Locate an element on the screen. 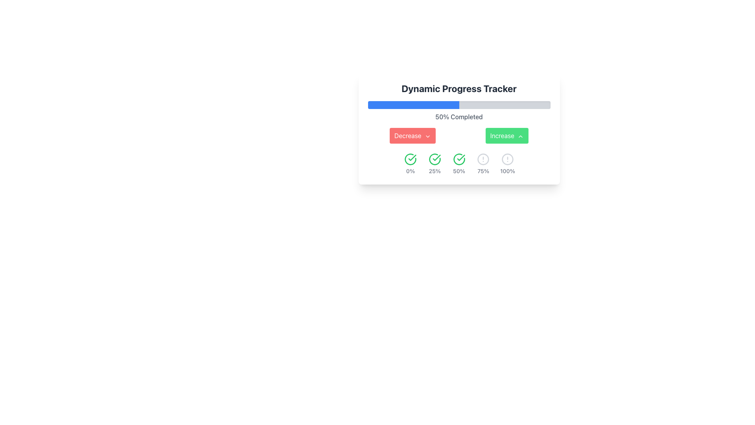 Image resolution: width=755 pixels, height=425 pixels. the Circle element in the SVG graphic that serves as a visual indicator for progress tracking, located centrally at the bottom of the card layout is located at coordinates (508, 159).